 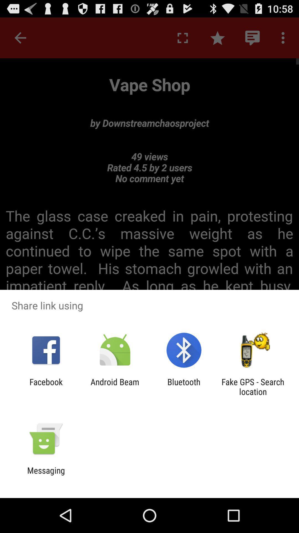 What do you see at coordinates (184, 386) in the screenshot?
I see `bluetooth` at bounding box center [184, 386].